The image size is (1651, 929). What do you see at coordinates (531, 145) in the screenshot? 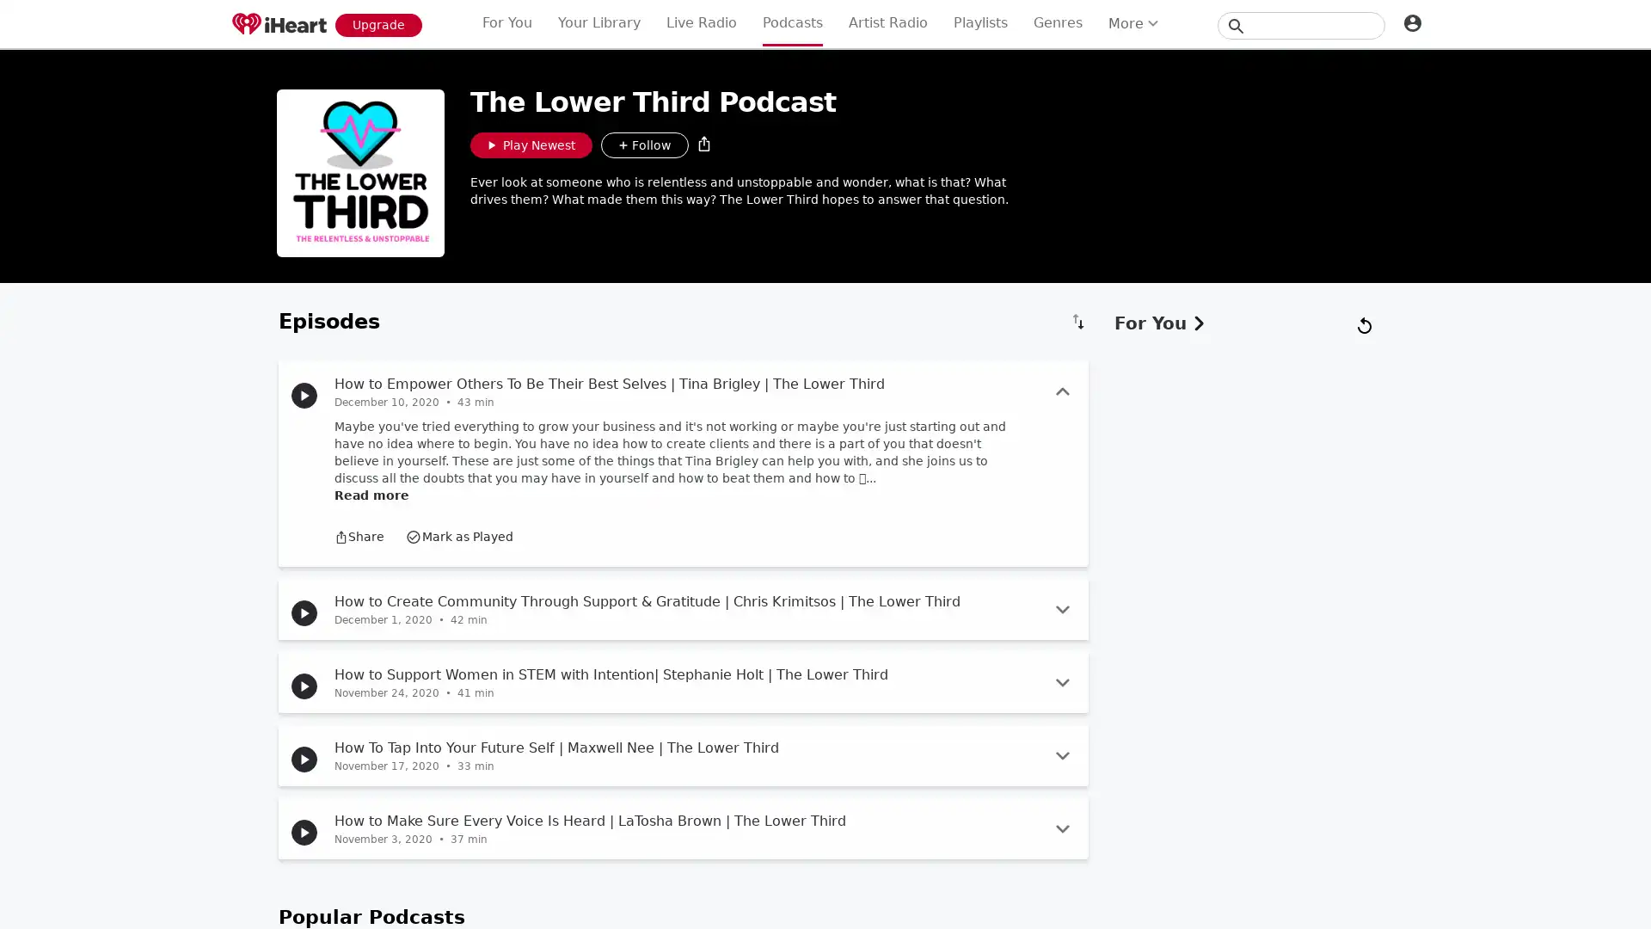
I see `Play Newest` at bounding box center [531, 145].